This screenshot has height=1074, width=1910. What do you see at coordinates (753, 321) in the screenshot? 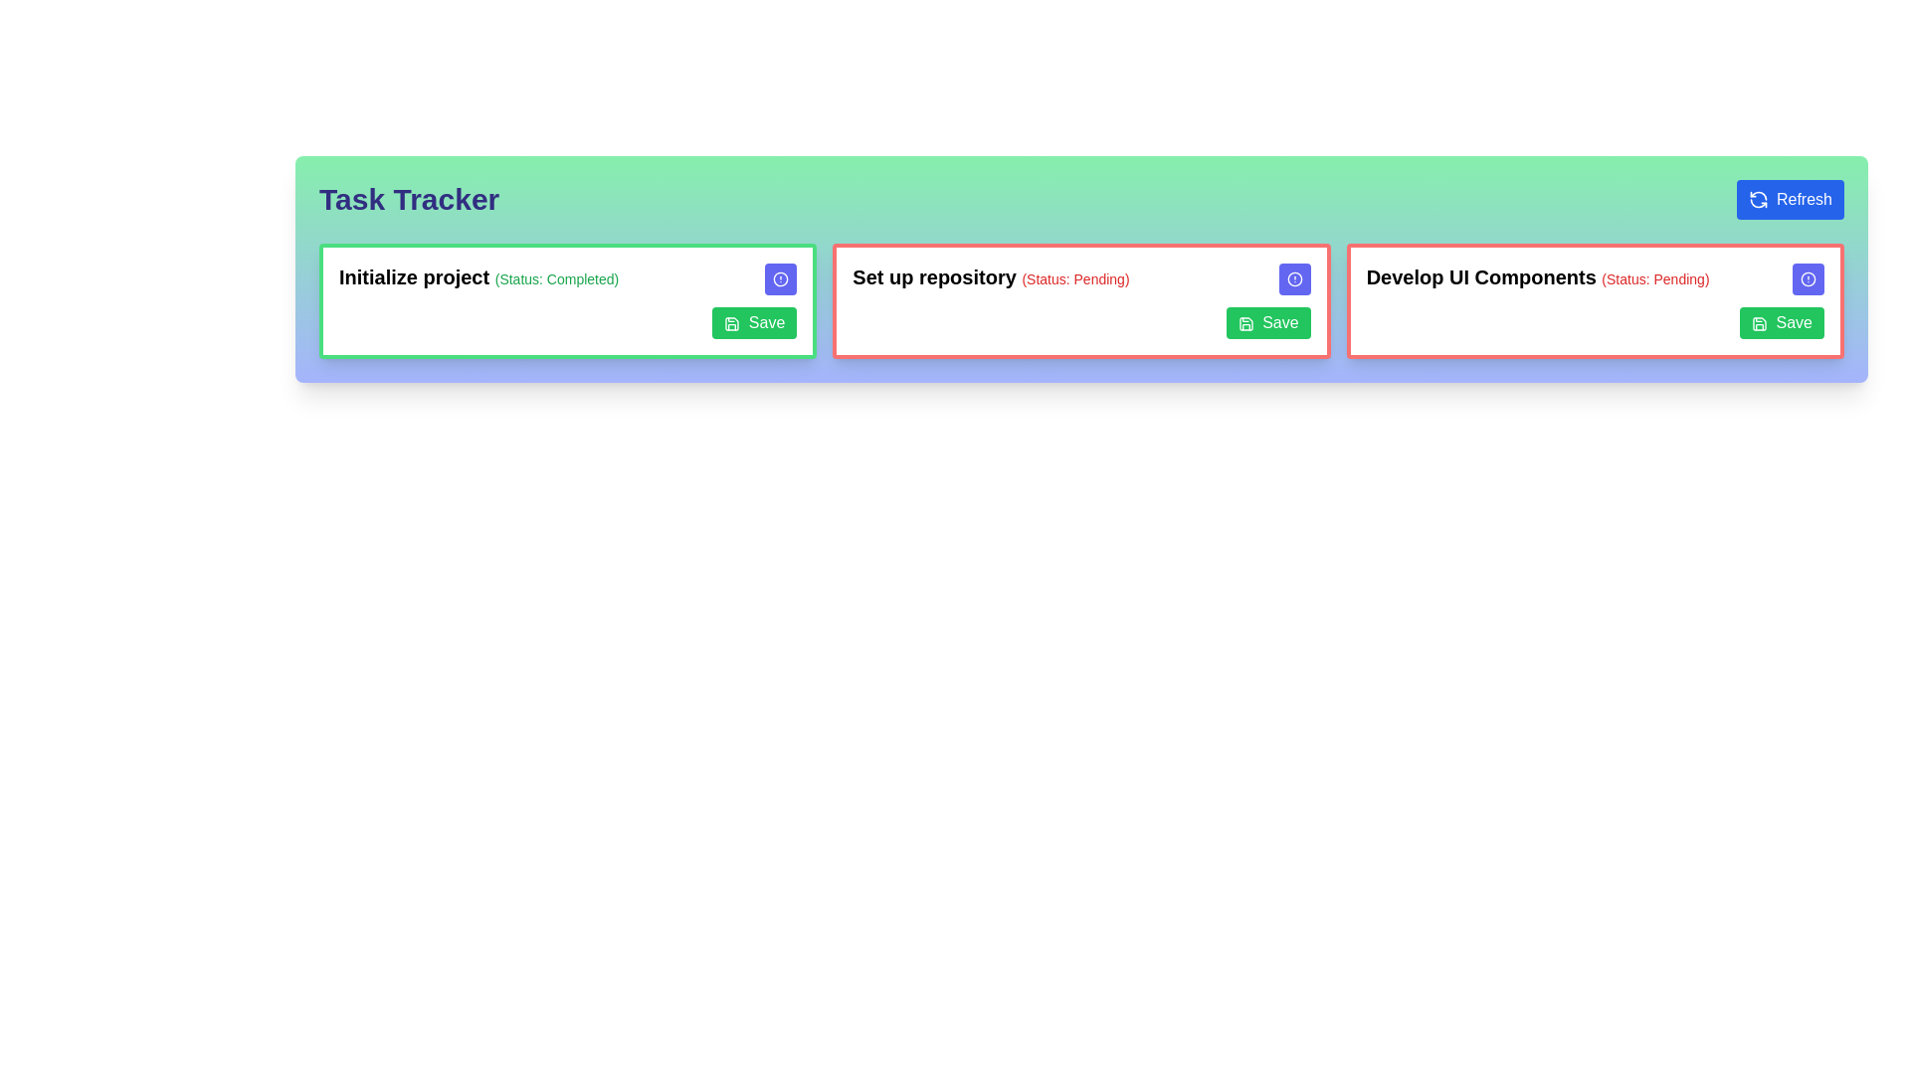
I see `the save button located at the bottom-right corner of the 'Initialize project' task card` at bounding box center [753, 321].